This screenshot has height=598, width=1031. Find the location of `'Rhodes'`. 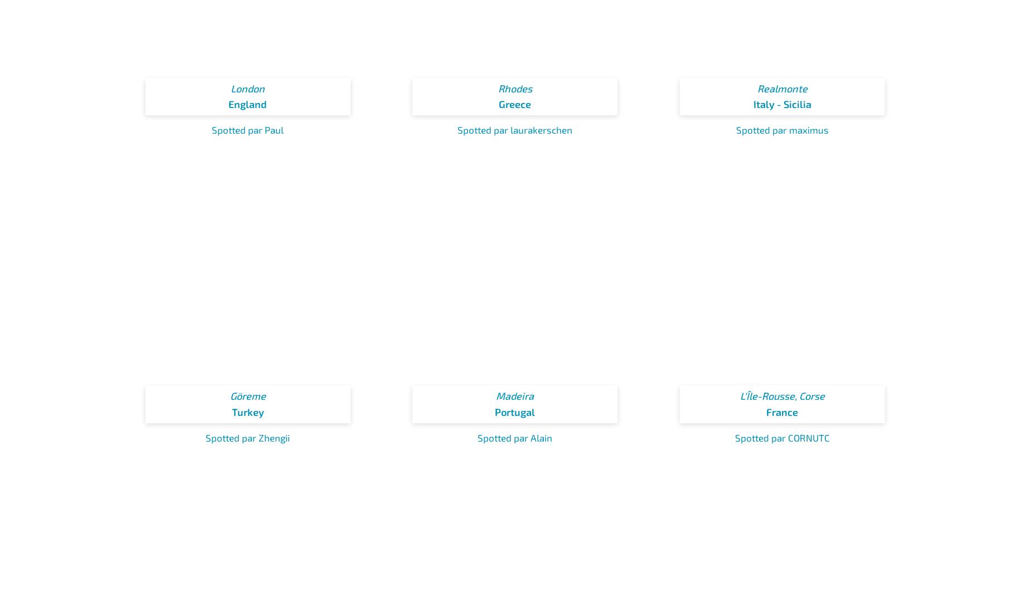

'Rhodes' is located at coordinates (514, 87).